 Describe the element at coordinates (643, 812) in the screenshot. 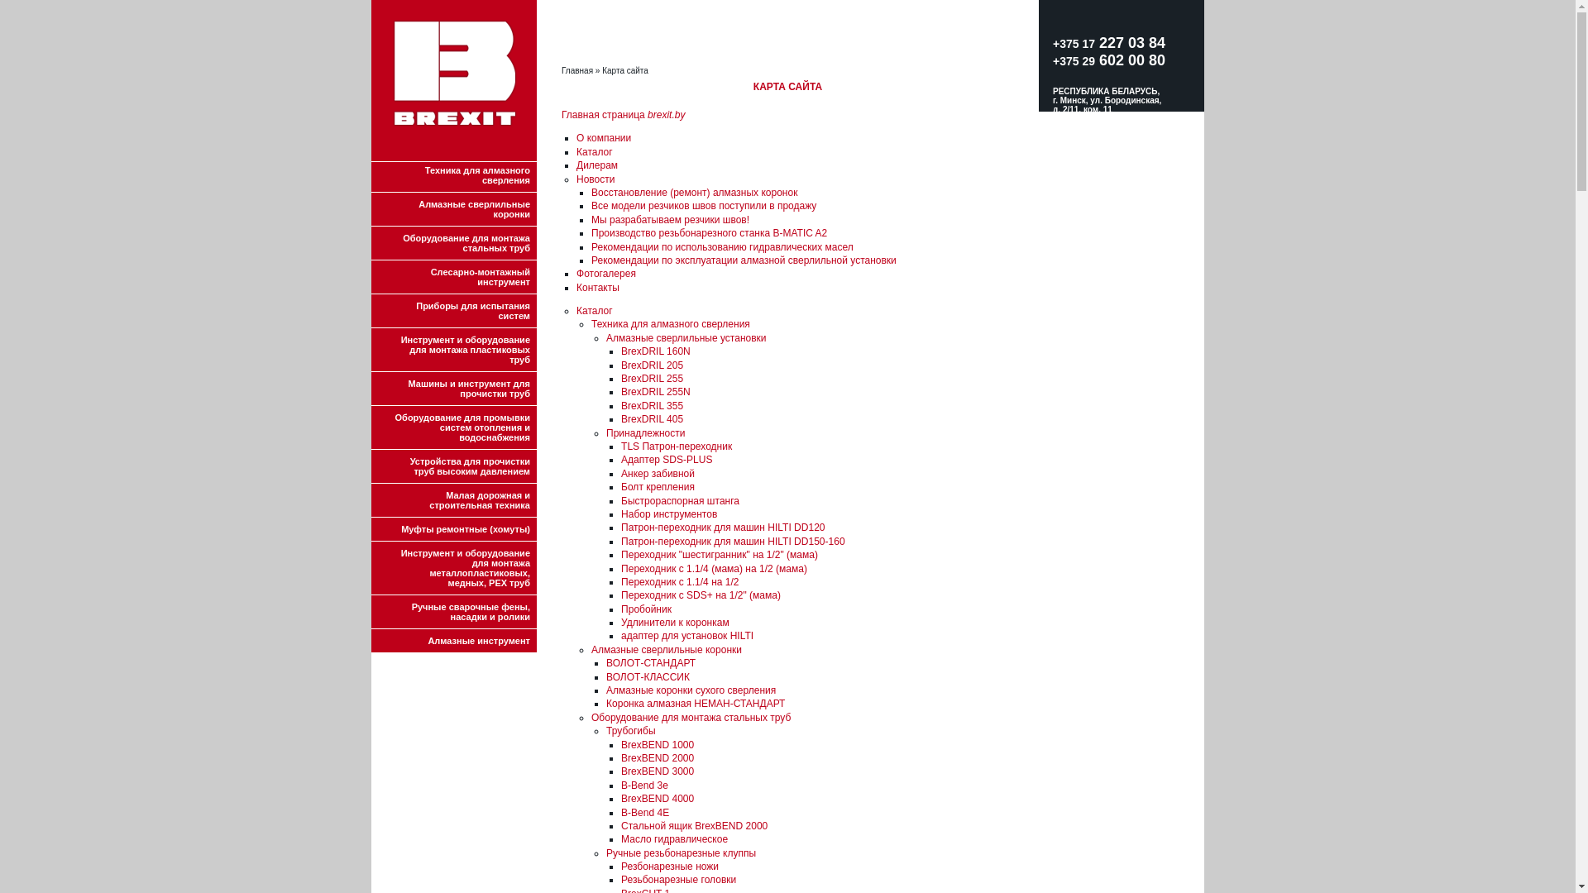

I see `'B-Bend 4E'` at that location.